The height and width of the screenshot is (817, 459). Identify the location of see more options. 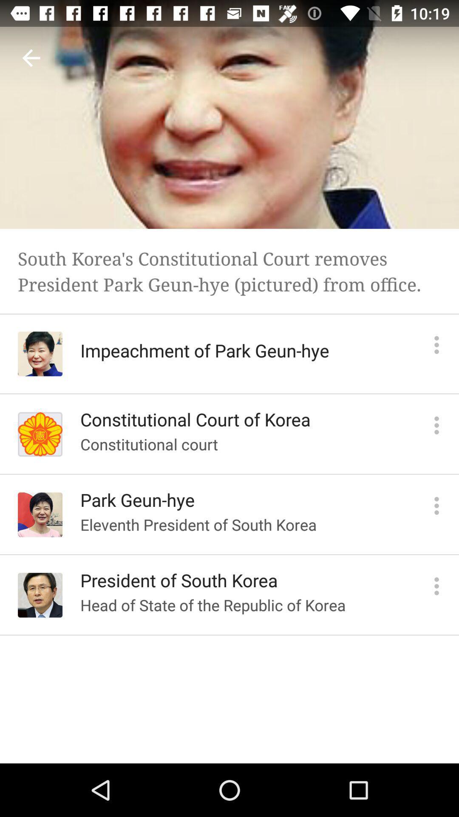
(436, 506).